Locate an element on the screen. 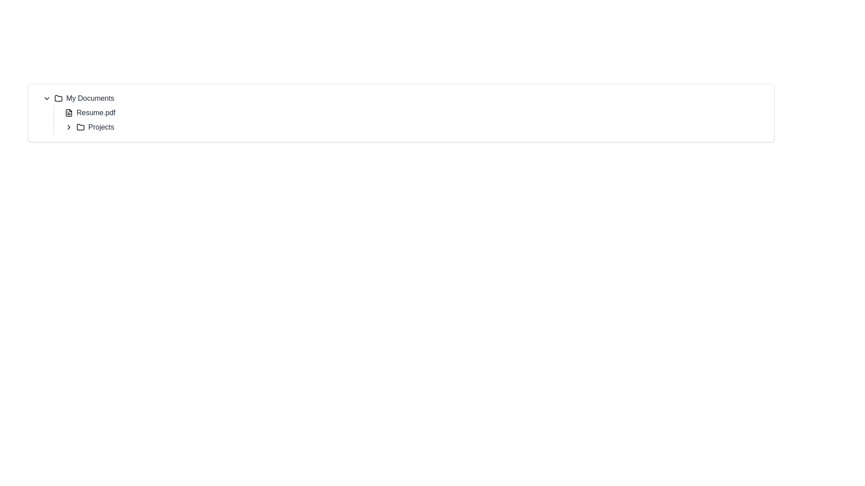 This screenshot has width=865, height=486. the file icon representing 'Resume.pdf' is located at coordinates (68, 112).